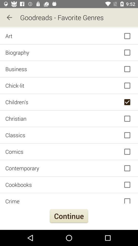 This screenshot has height=246, width=138. What do you see at coordinates (69, 86) in the screenshot?
I see `the icon above the children's icon` at bounding box center [69, 86].